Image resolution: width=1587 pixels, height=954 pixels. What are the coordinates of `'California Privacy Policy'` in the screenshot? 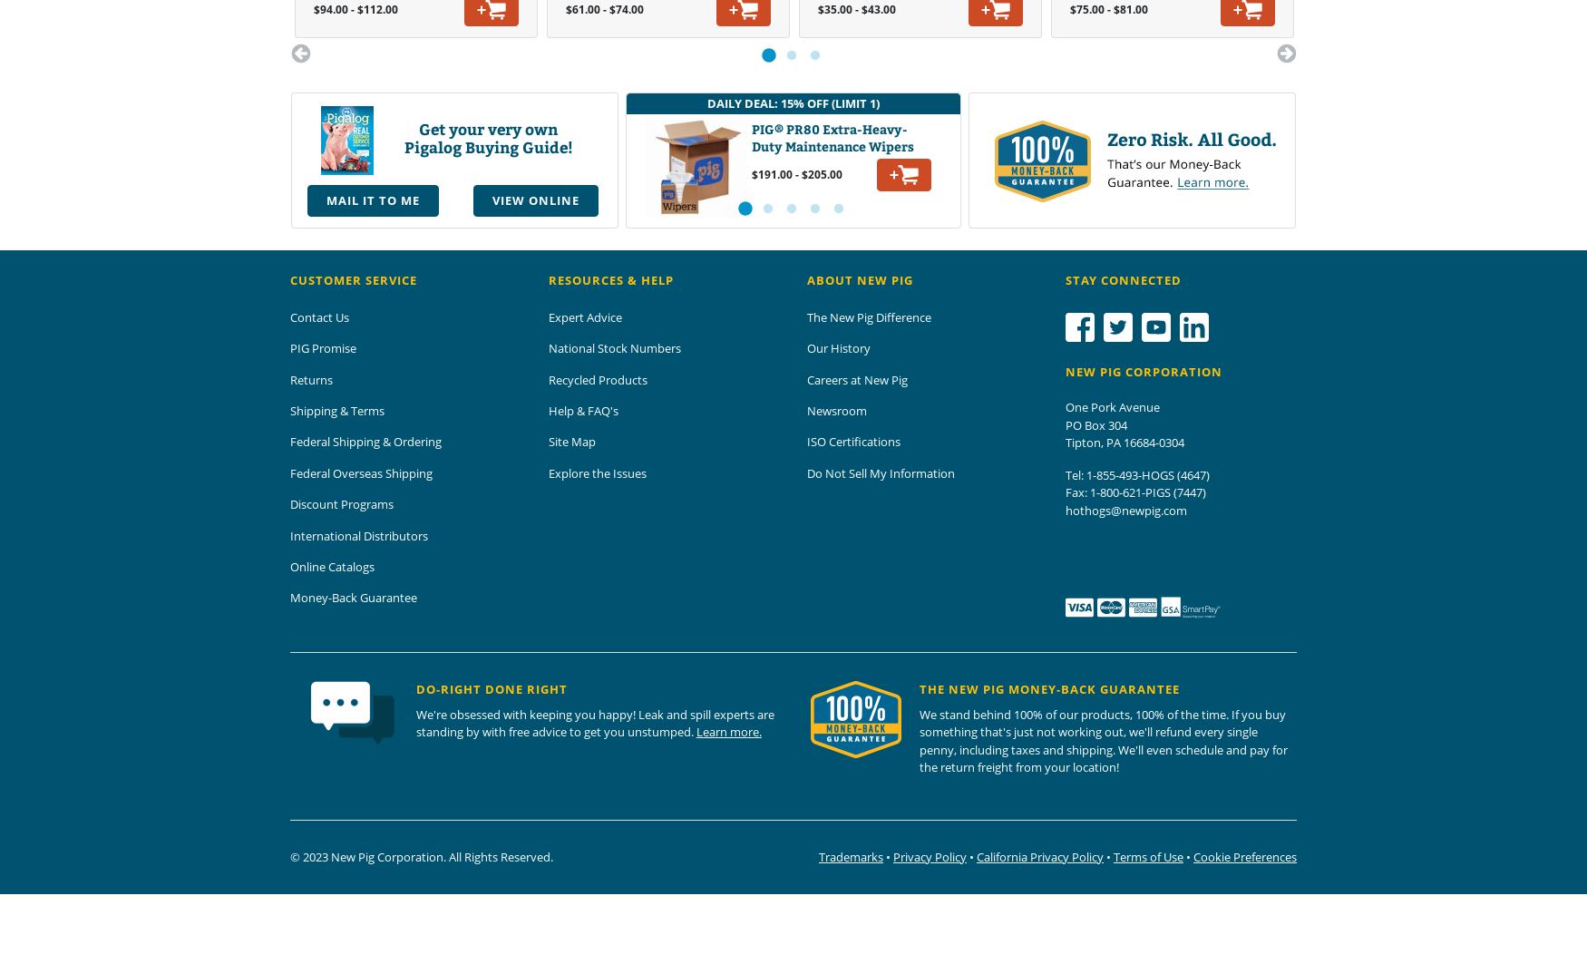 It's located at (976, 854).